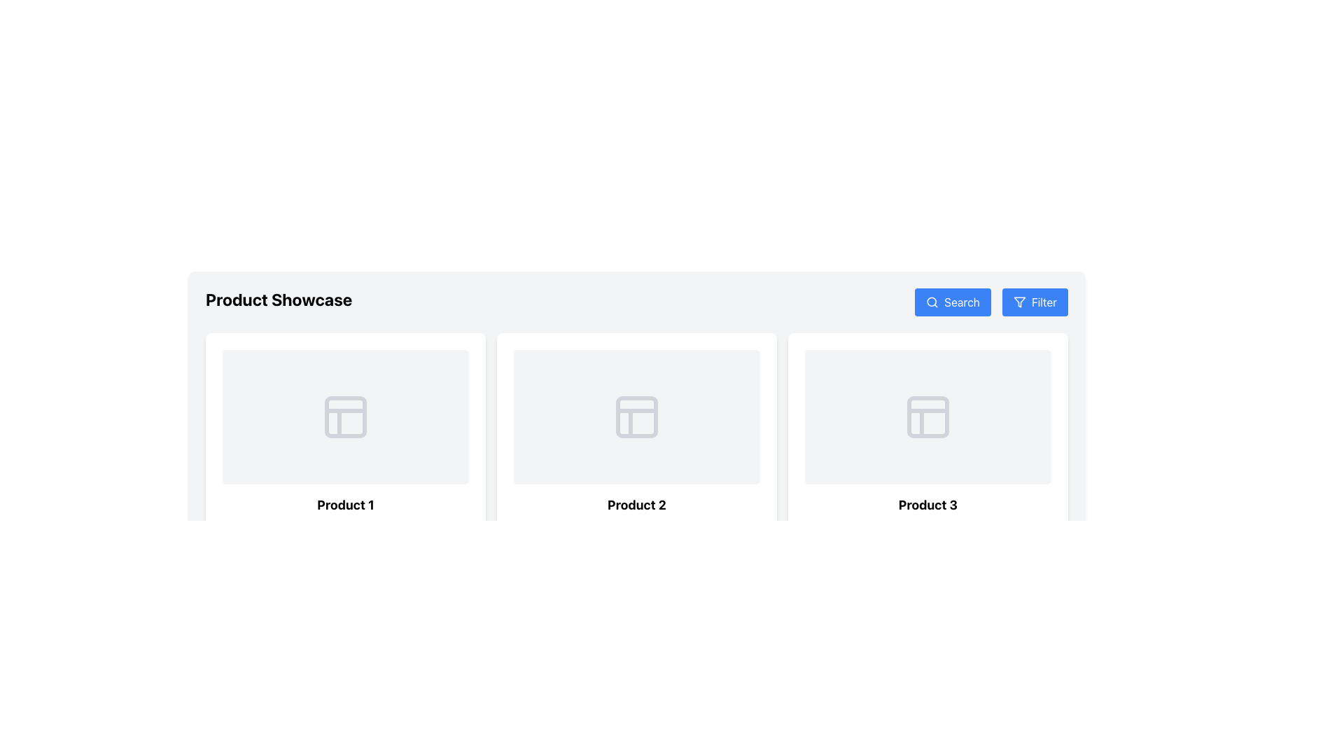  I want to click on text label displaying the word 'Search' within the blue button that has rounded corners and a magnifying-glass icon to its left, so click(960, 302).